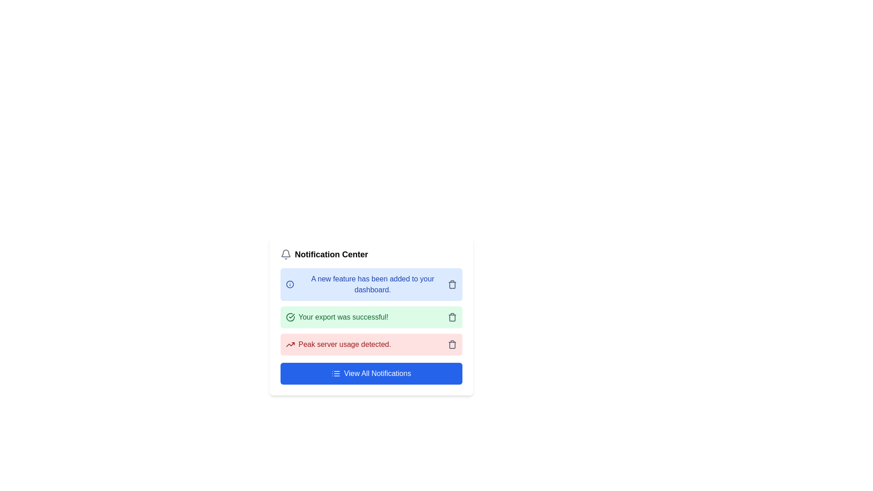 The image size is (873, 491). Describe the element at coordinates (290, 345) in the screenshot. I see `the icon representing a trend or alert about server usage, which is located to the left of the notification text 'Peak server usage detected.'` at that location.